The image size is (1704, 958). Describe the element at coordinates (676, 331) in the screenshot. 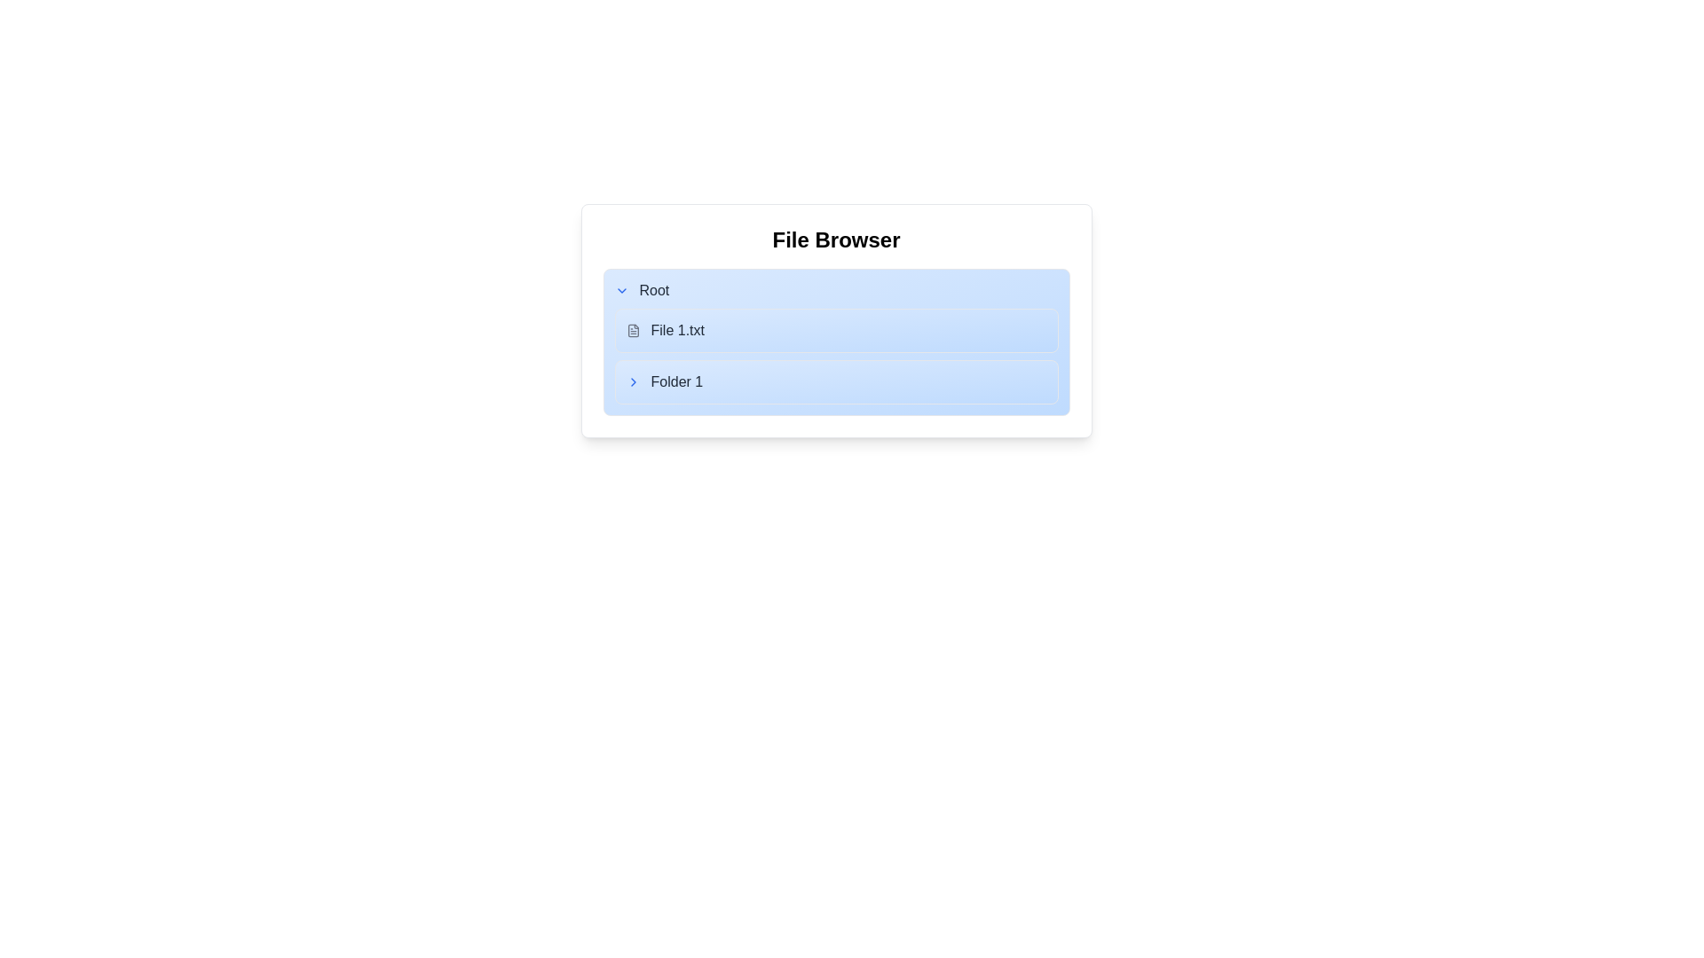

I see `the text label displaying 'File 1.txt' which is styled with medium weight font and gray color, located within a file browser interface above the 'Folder 1' label` at that location.